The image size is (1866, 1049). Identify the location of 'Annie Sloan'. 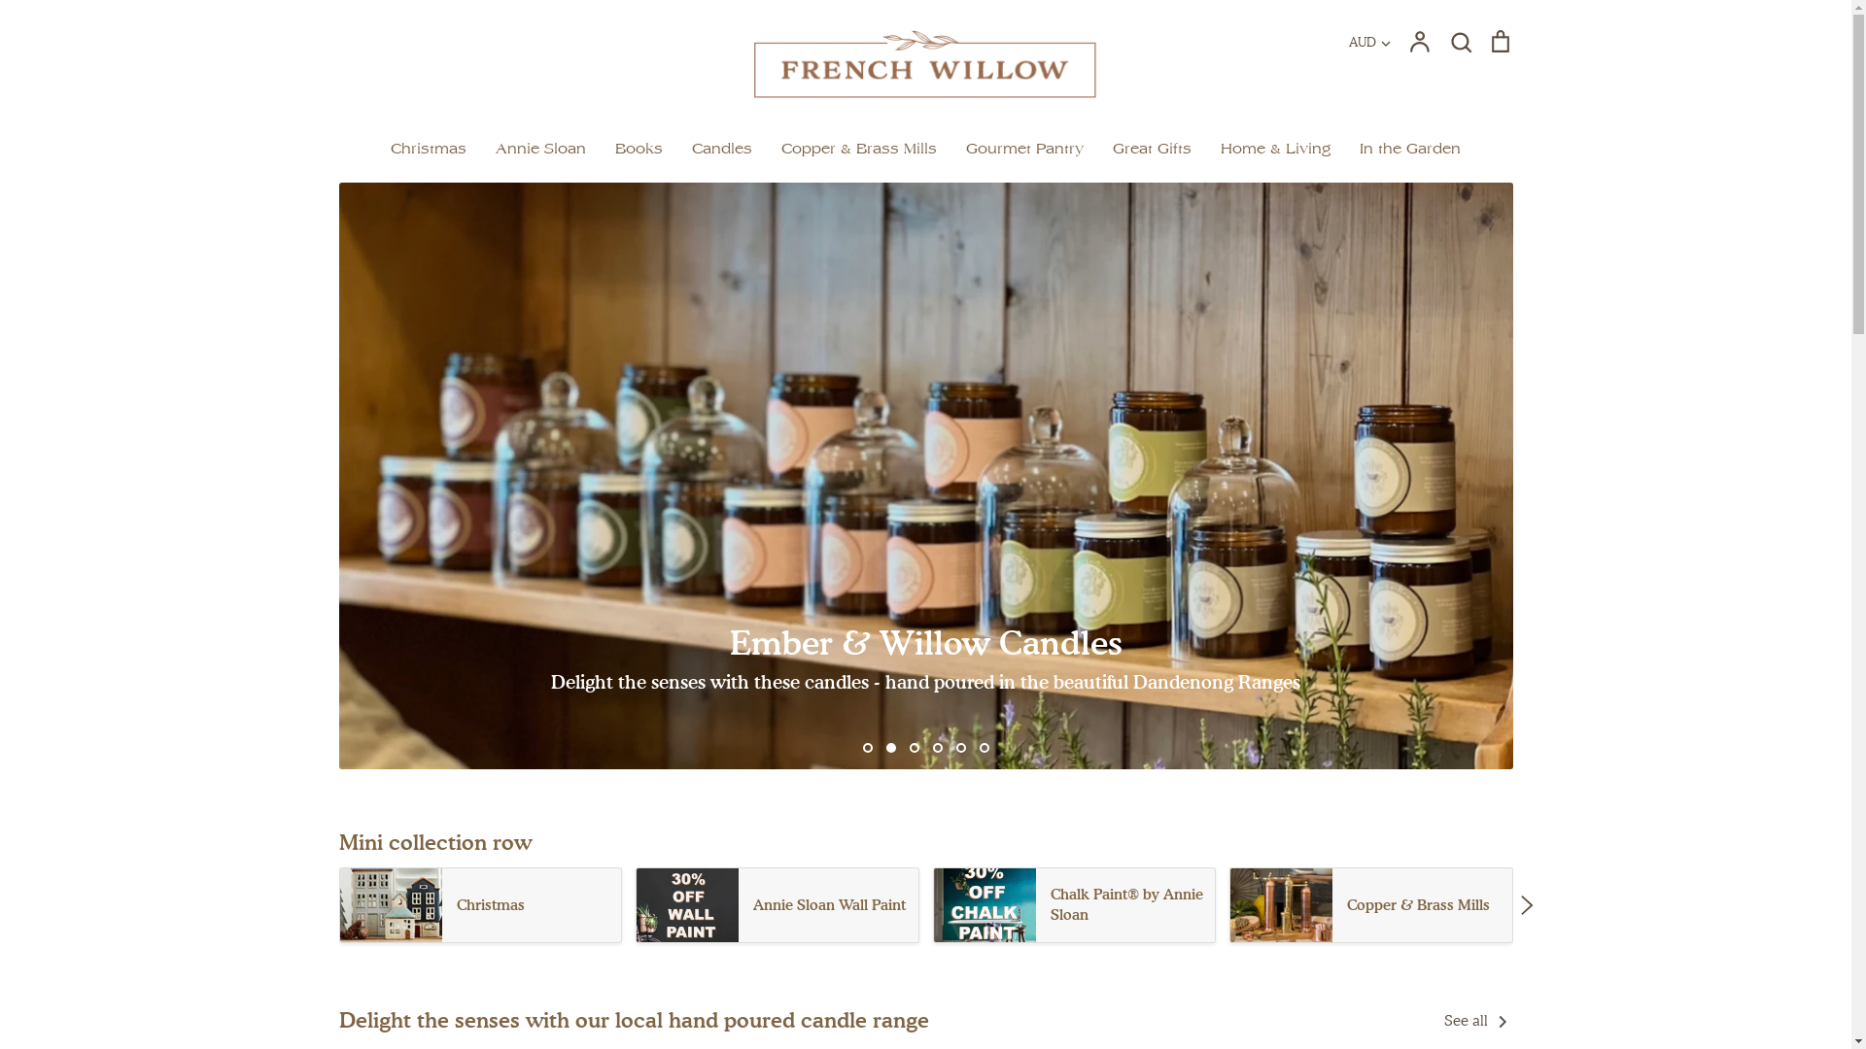
(540, 148).